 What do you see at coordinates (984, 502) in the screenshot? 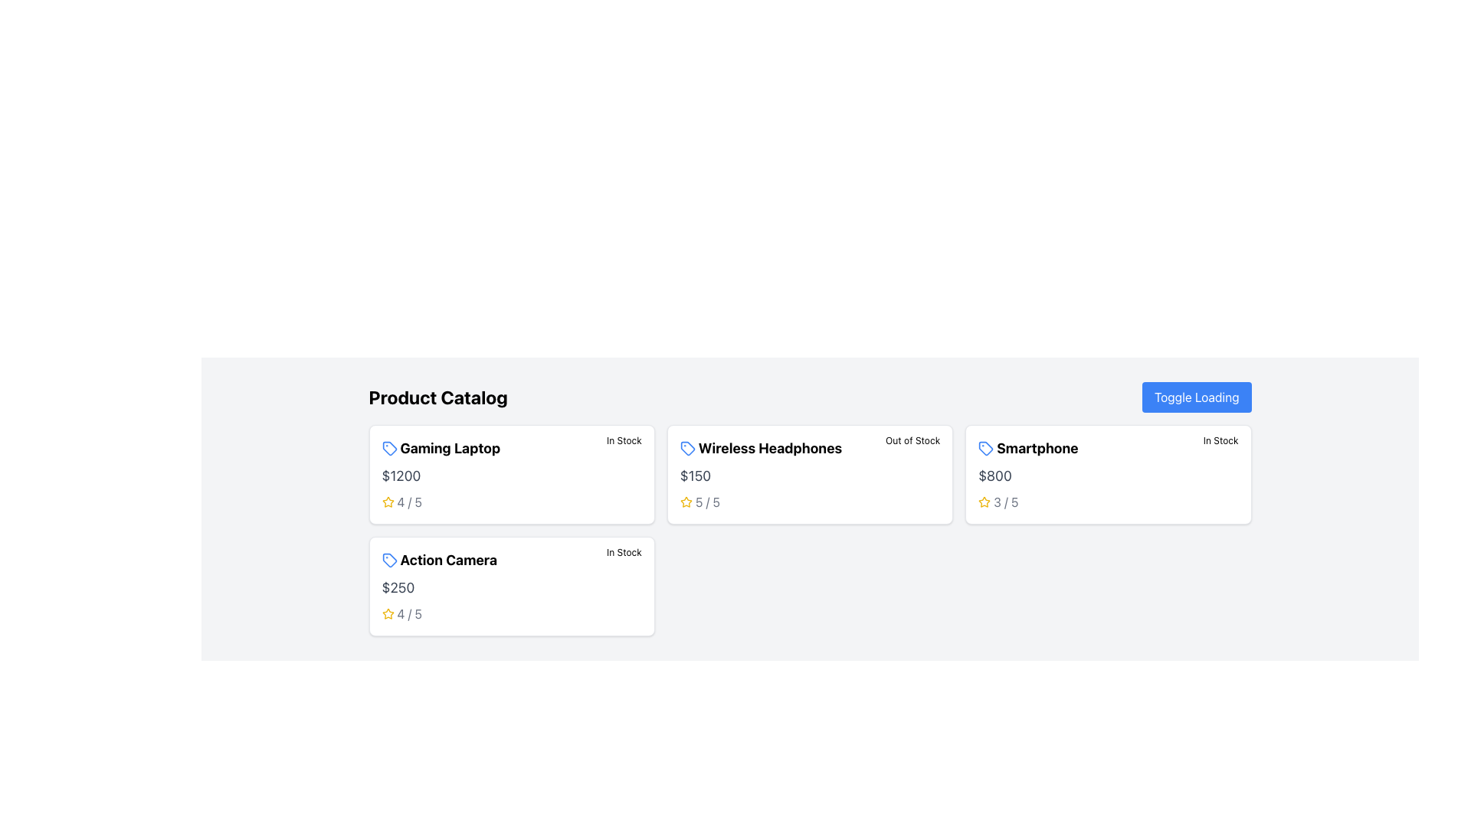
I see `the star-shaped icon representing the rating feature for the 'Smartphone' product, which is located adjacent to the '3 / 5' text in the rating section` at bounding box center [984, 502].